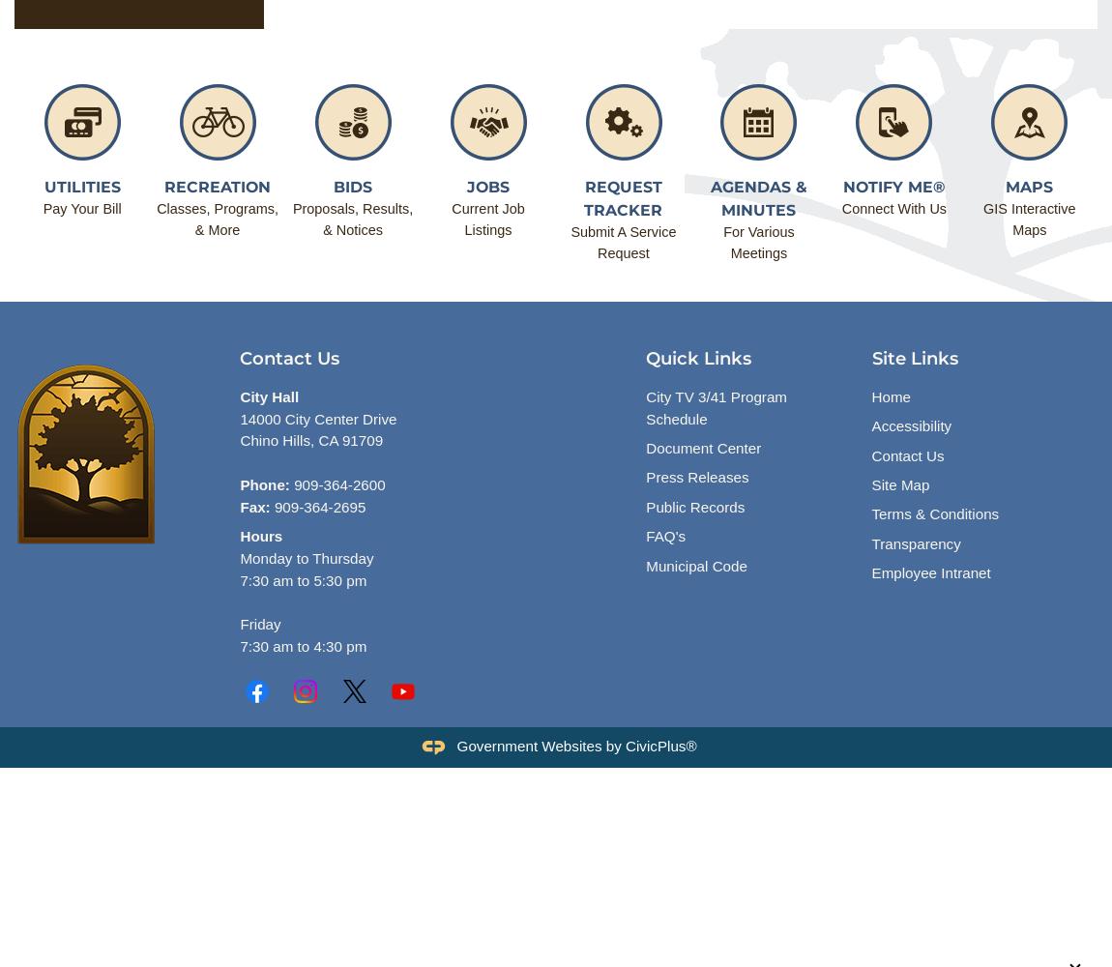  Describe the element at coordinates (911, 425) in the screenshot. I see `'Accessibility'` at that location.